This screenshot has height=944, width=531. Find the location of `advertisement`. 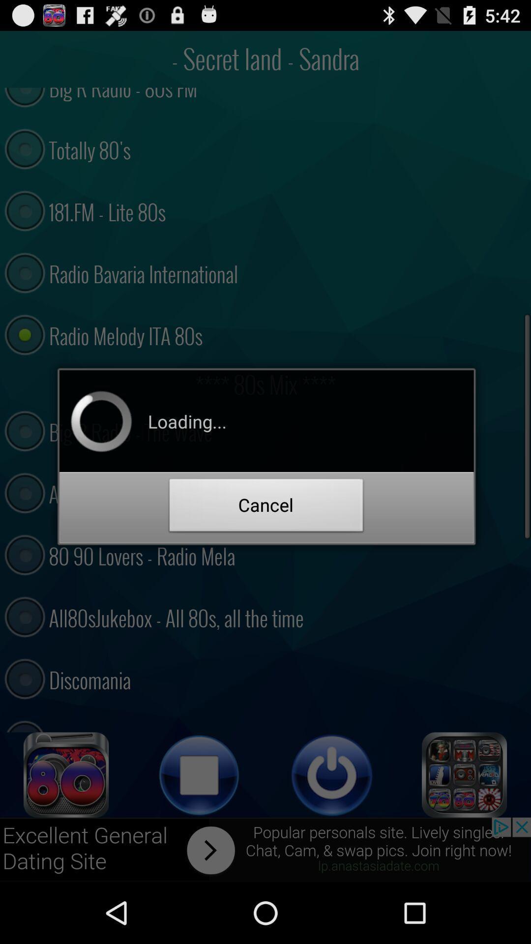

advertisement is located at coordinates (265, 849).